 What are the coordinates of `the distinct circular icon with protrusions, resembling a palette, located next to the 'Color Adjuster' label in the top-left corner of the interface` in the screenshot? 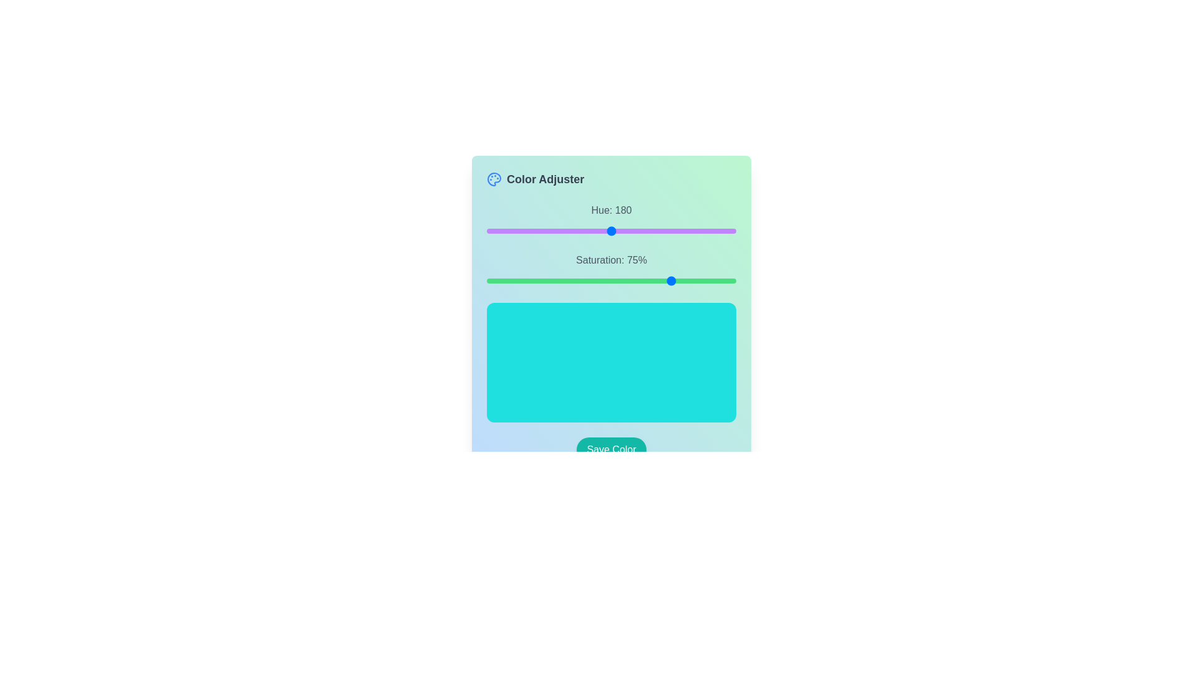 It's located at (493, 179).